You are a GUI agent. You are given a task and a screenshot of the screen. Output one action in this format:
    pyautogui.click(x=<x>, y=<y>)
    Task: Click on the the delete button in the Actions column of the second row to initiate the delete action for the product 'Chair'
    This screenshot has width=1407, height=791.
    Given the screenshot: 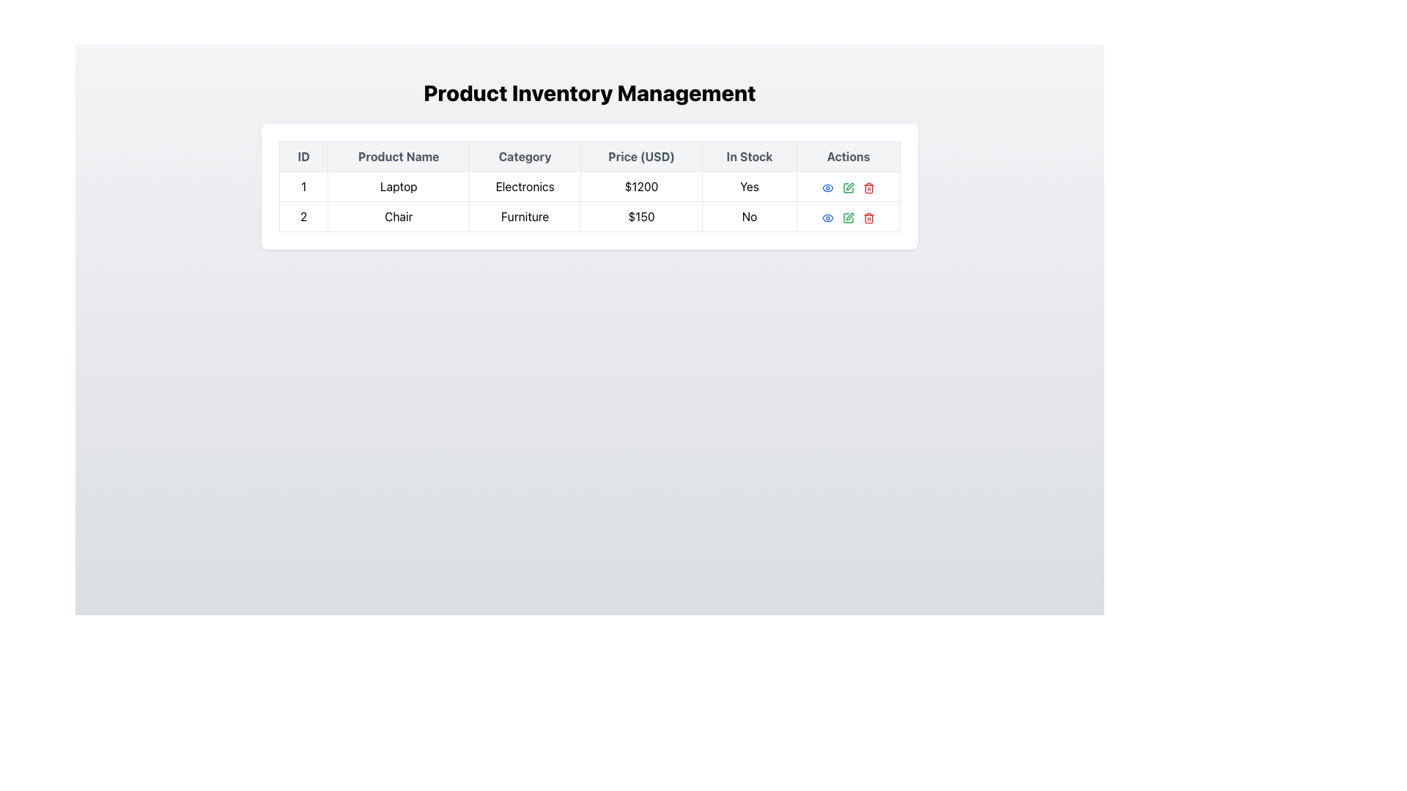 What is the action you would take?
    pyautogui.click(x=868, y=218)
    